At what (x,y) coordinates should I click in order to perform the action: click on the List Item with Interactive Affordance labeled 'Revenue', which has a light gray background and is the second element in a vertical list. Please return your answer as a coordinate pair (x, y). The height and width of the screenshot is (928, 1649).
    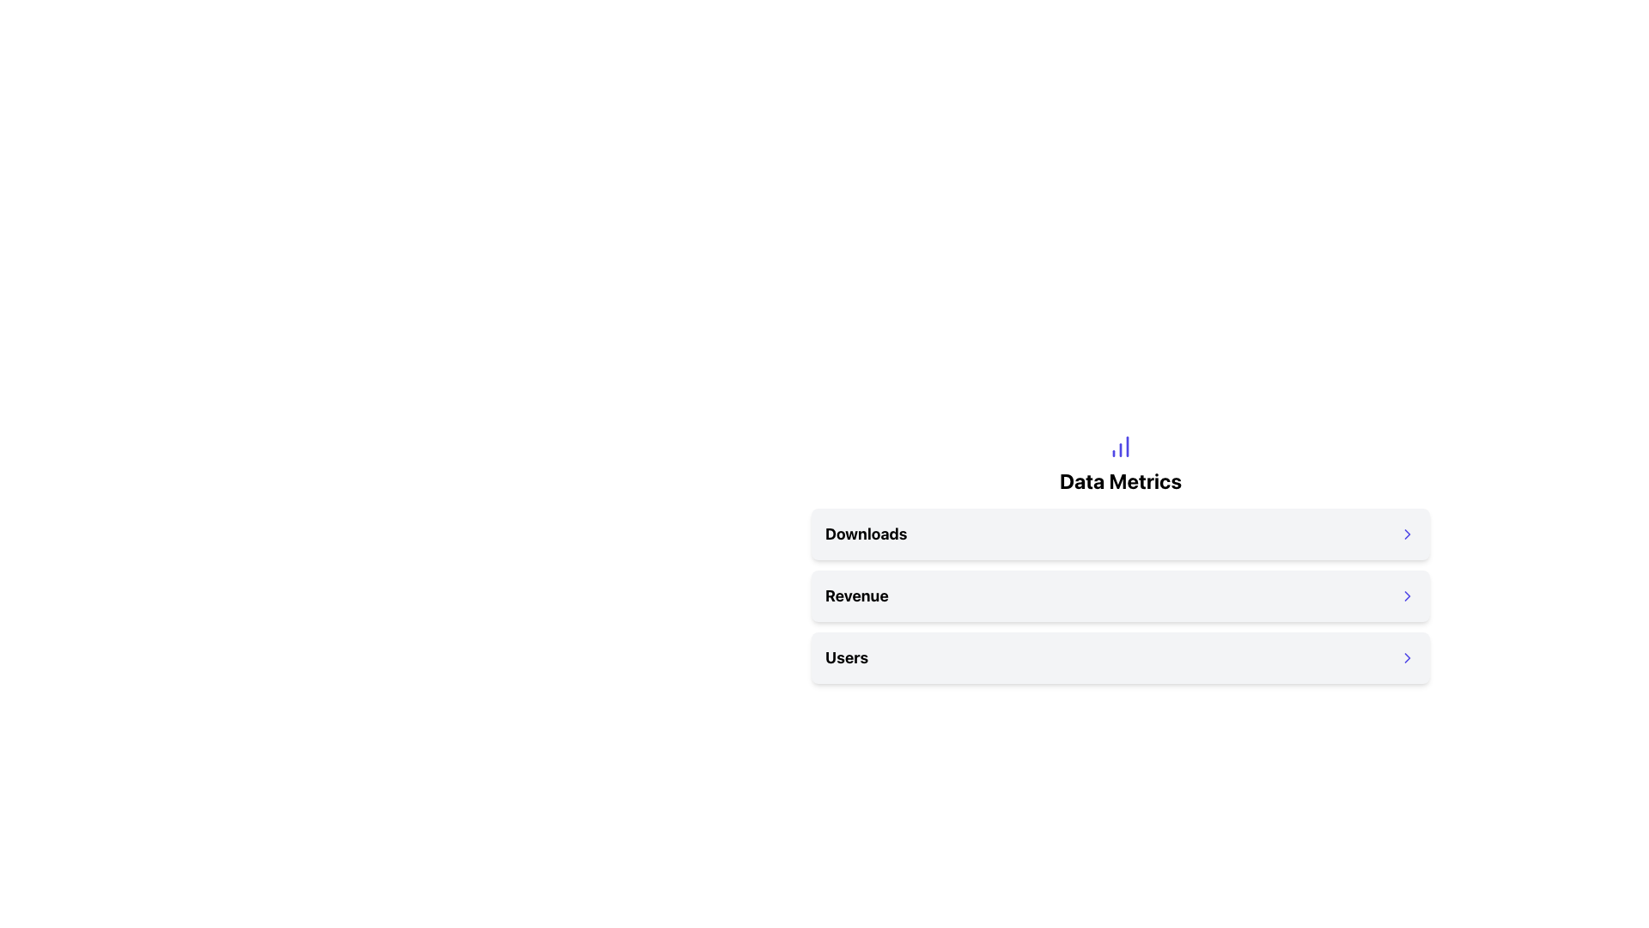
    Looking at the image, I should click on (1121, 595).